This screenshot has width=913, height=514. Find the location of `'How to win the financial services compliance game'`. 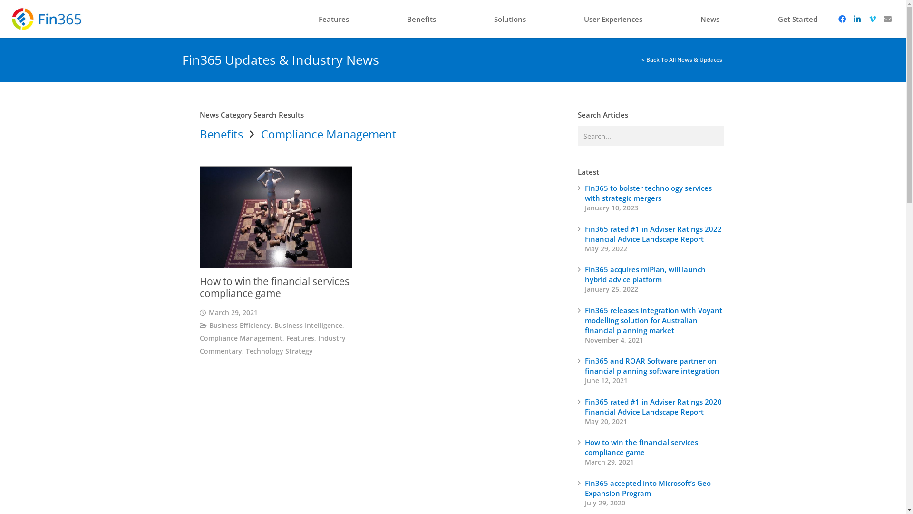

'How to win the financial services compliance game' is located at coordinates (641, 447).